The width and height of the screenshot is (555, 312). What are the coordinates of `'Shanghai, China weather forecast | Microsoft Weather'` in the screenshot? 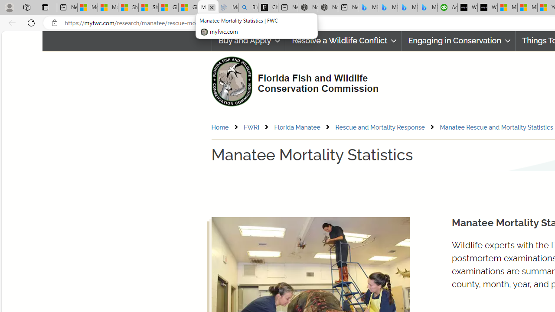 It's located at (148, 7).